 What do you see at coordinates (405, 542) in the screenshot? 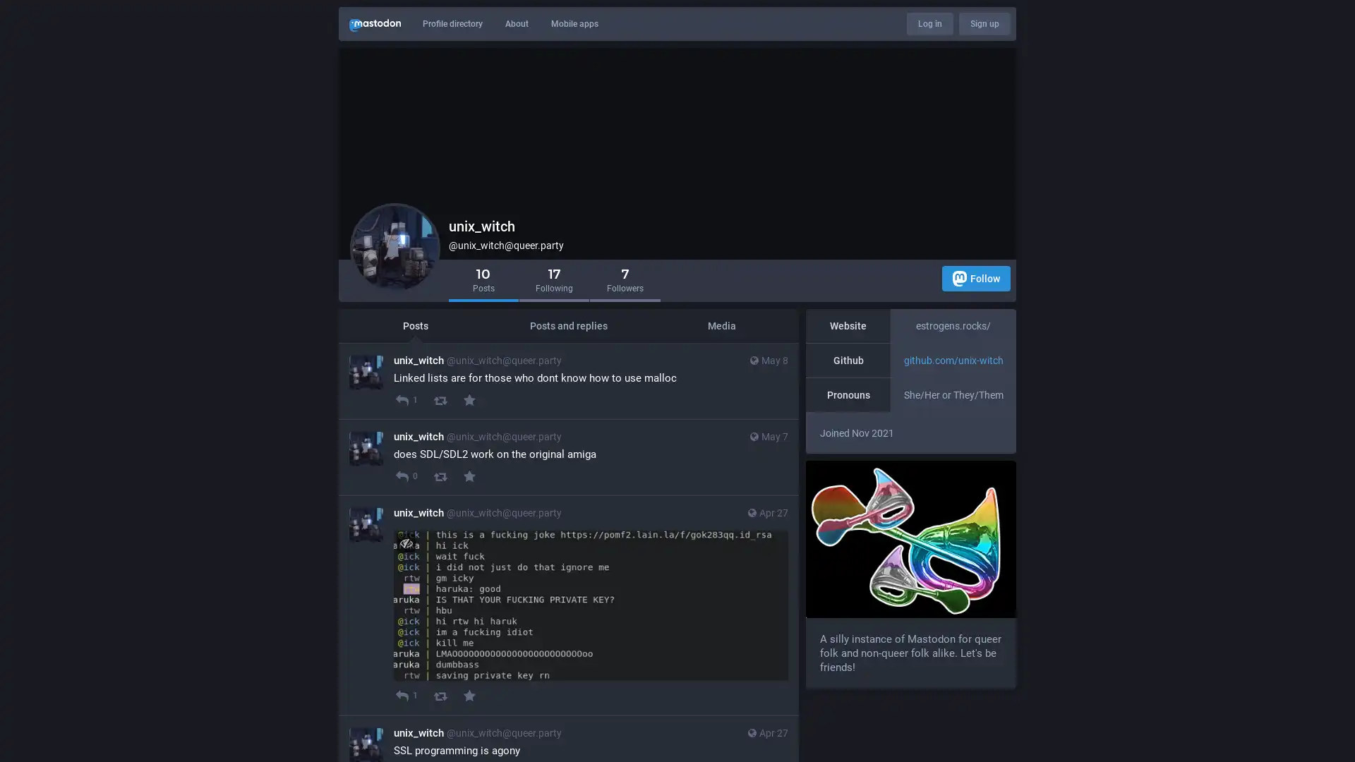
I see `Hide image` at bounding box center [405, 542].